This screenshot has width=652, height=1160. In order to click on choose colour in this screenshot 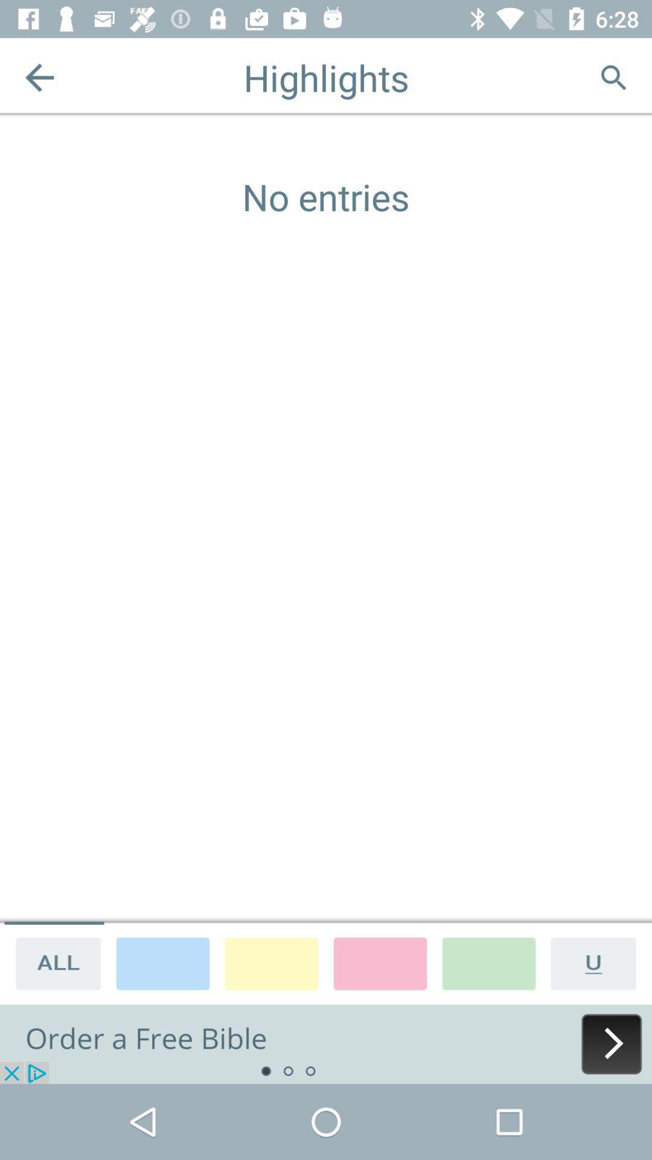, I will do `click(272, 962)`.